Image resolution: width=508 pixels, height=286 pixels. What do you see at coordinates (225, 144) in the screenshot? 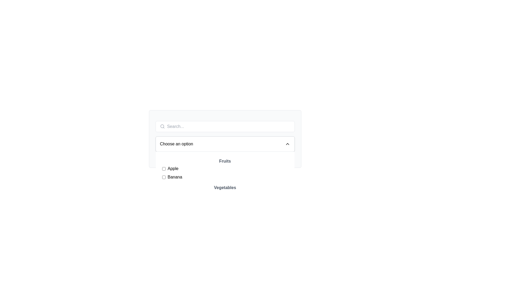
I see `the dropdown menu trigger located below the search bar` at bounding box center [225, 144].